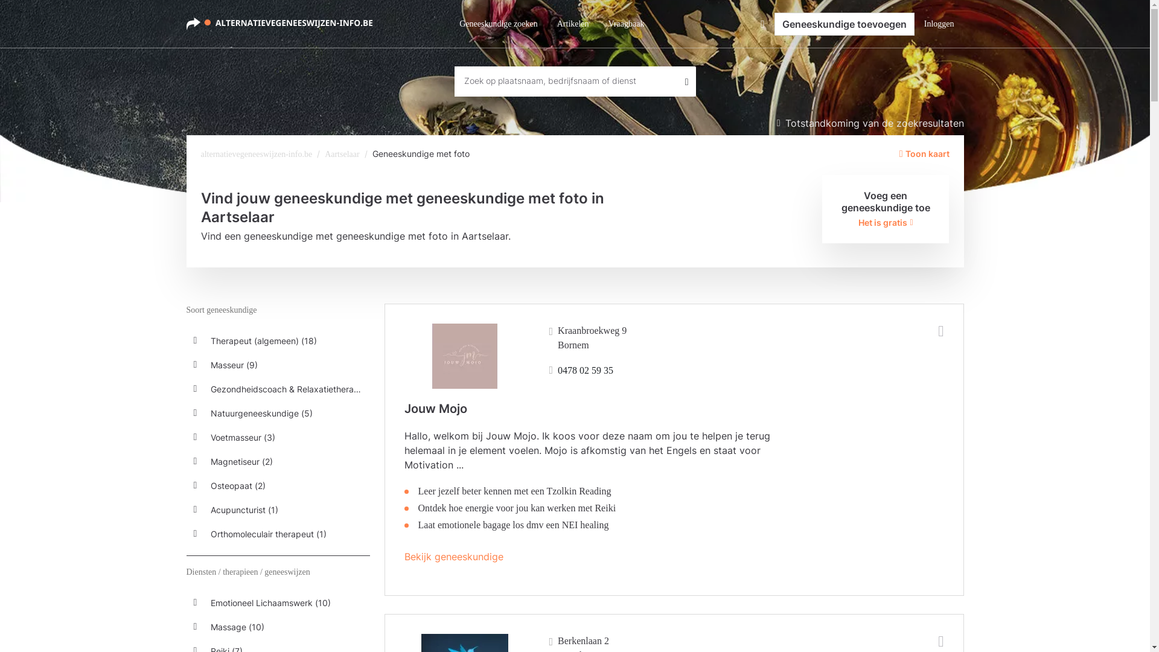  What do you see at coordinates (626, 24) in the screenshot?
I see `'Vraagbaak'` at bounding box center [626, 24].